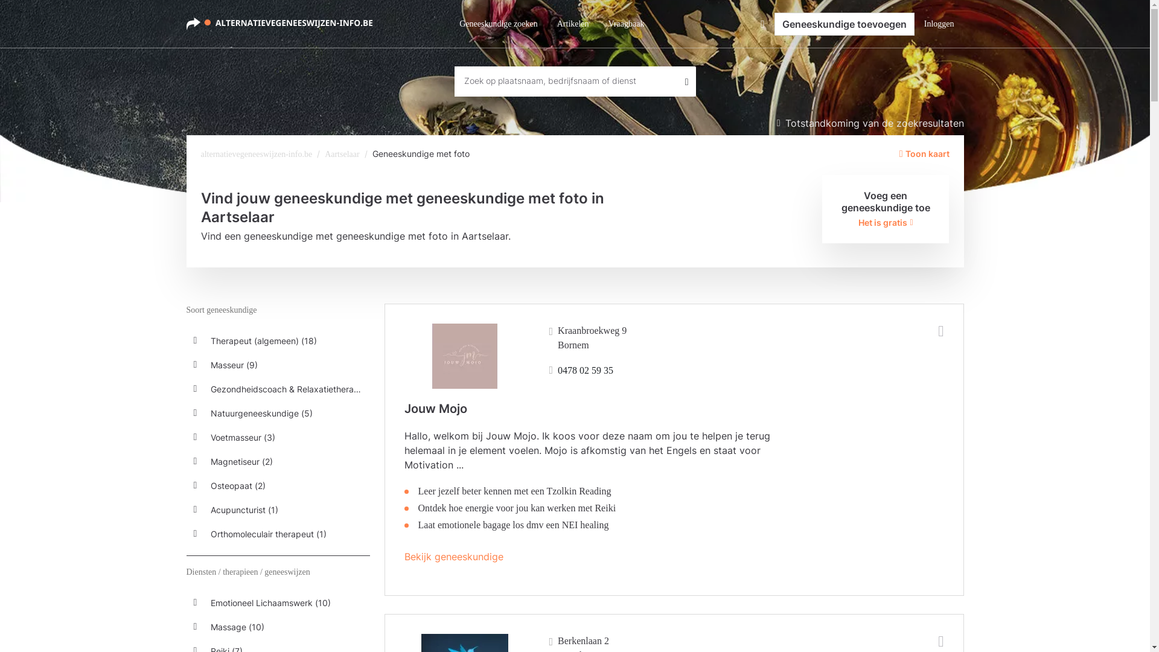  What do you see at coordinates (626, 24) in the screenshot?
I see `'Vraagbaak'` at bounding box center [626, 24].